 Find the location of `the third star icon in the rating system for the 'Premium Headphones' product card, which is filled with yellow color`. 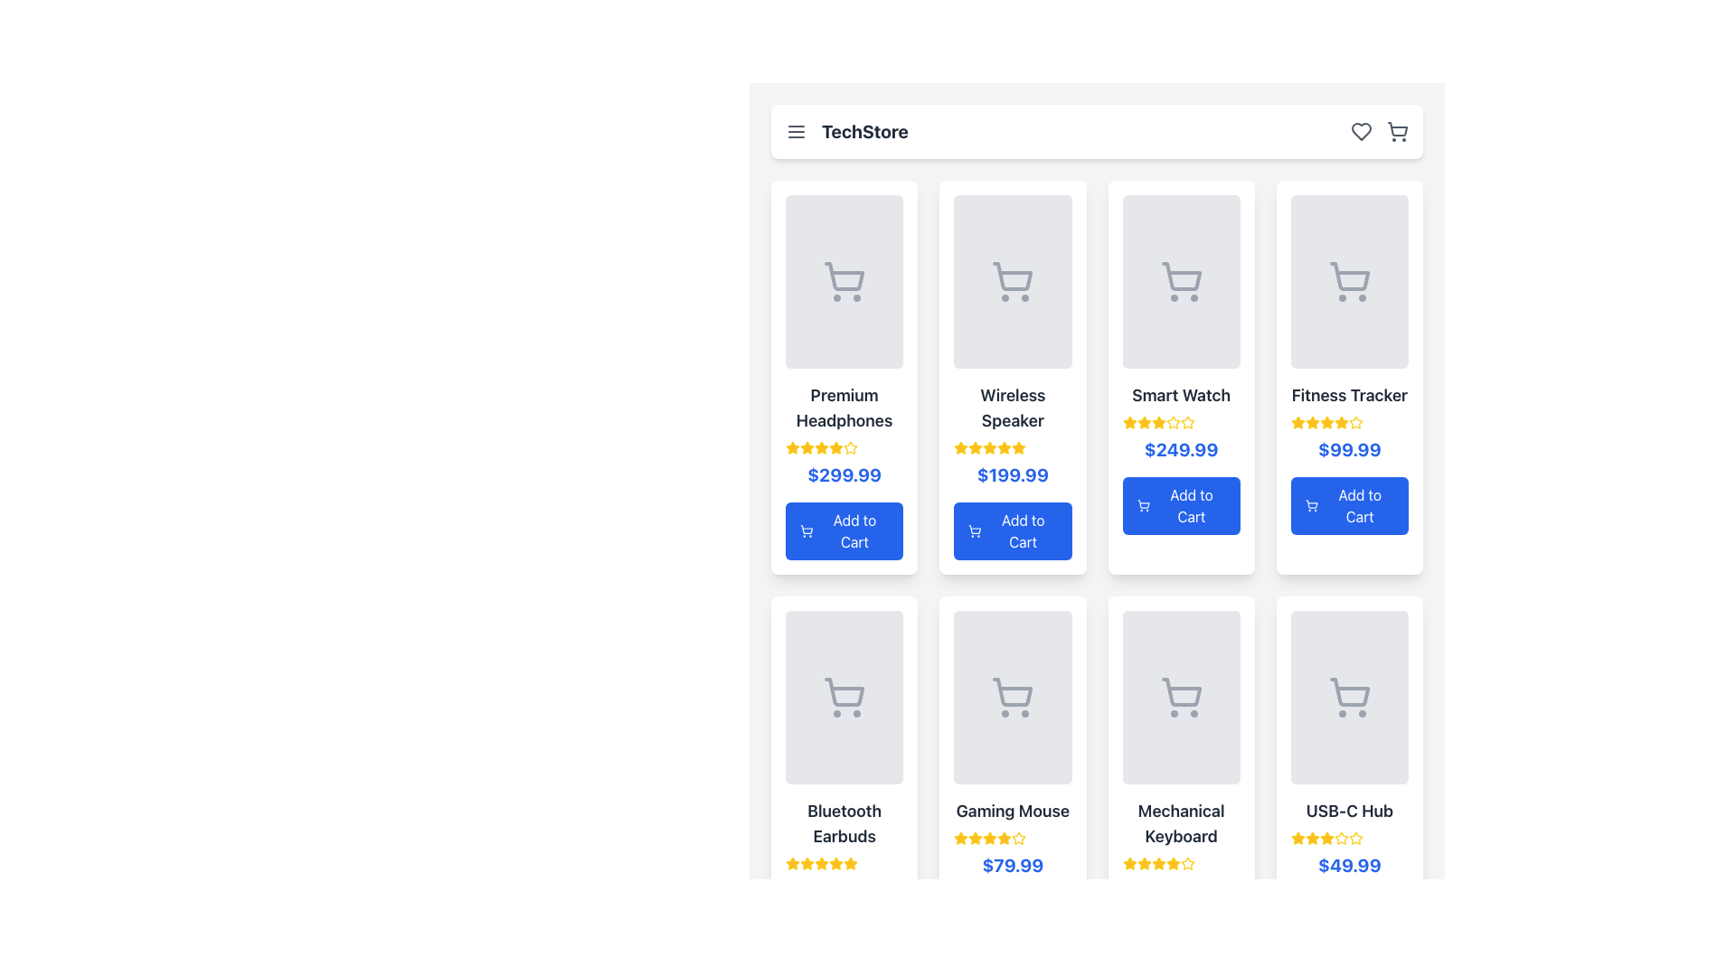

the third star icon in the rating system for the 'Premium Headphones' product card, which is filled with yellow color is located at coordinates (820, 447).